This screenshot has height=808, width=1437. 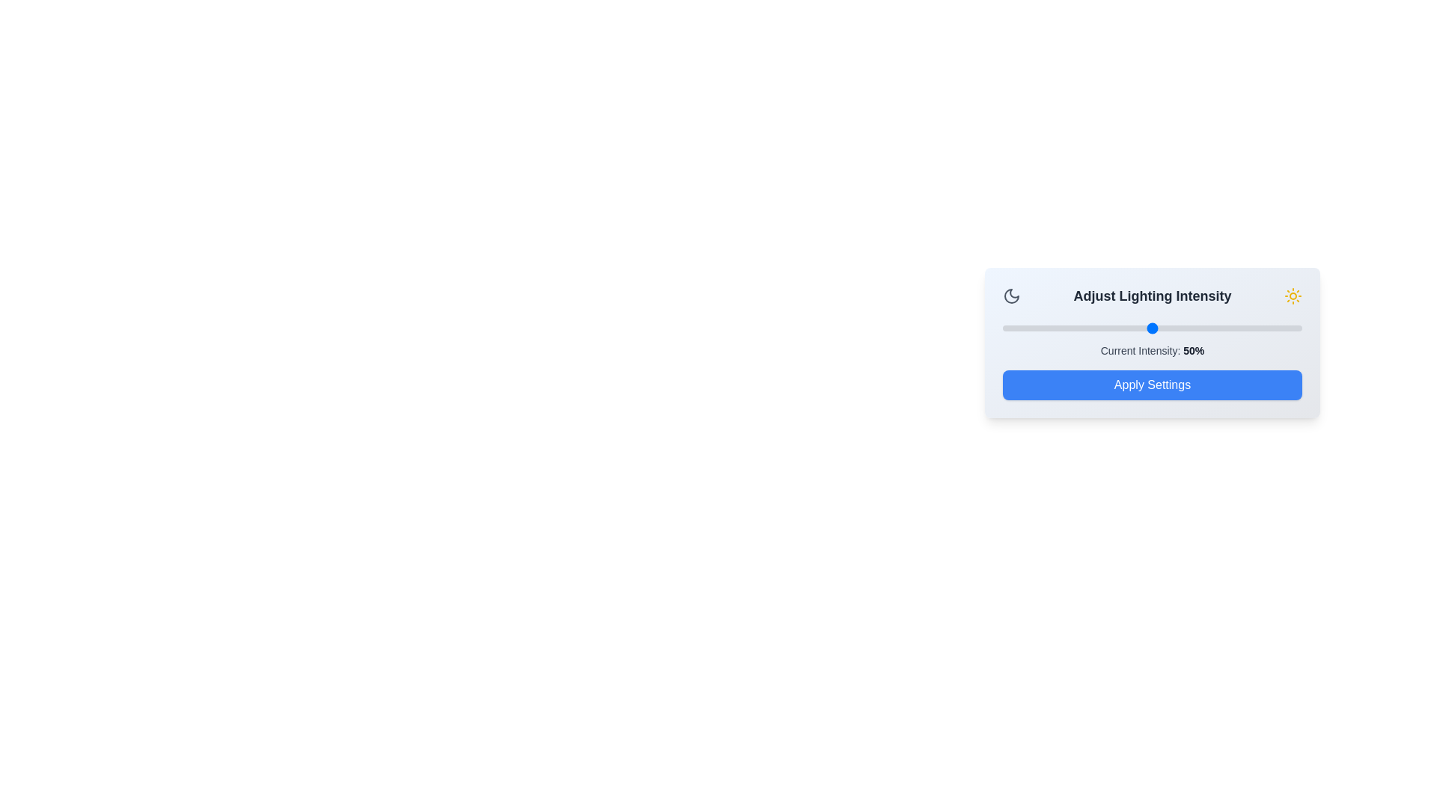 What do you see at coordinates (1152, 351) in the screenshot?
I see `the 'Current Intensity' text to highlight it` at bounding box center [1152, 351].